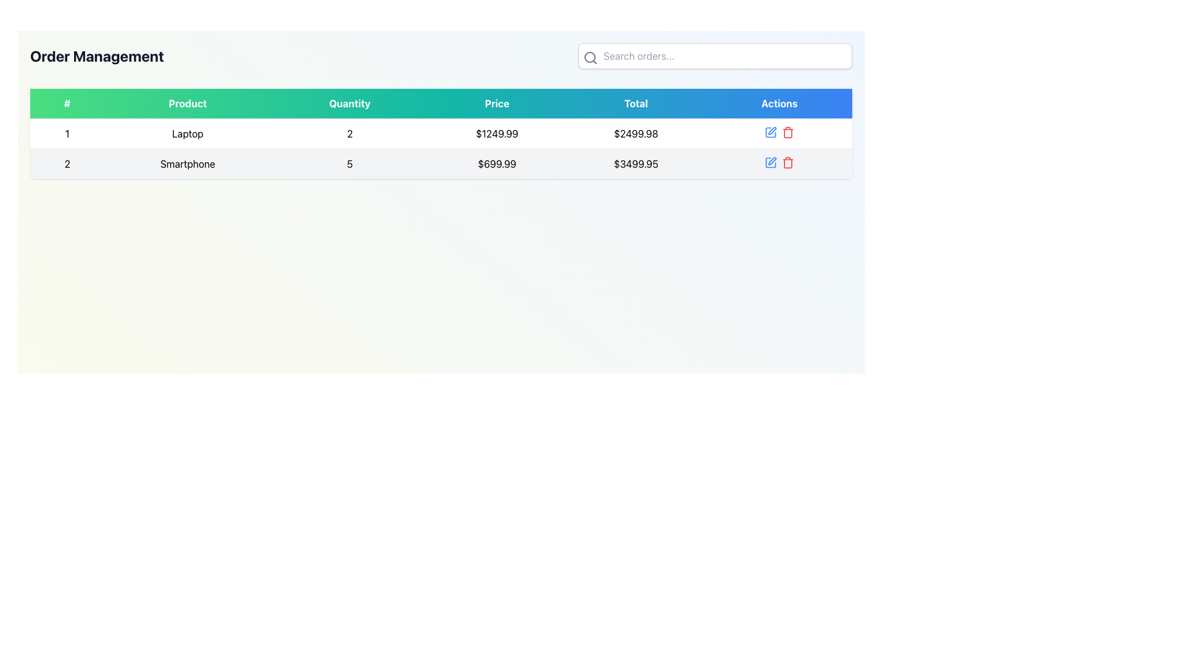 The height and width of the screenshot is (666, 1185). What do you see at coordinates (497, 133) in the screenshot?
I see `displayed price text "$1249.99" located in the first row of the table under the "Price" column, which is positioned between the "Quantity" and "Total" columns` at bounding box center [497, 133].